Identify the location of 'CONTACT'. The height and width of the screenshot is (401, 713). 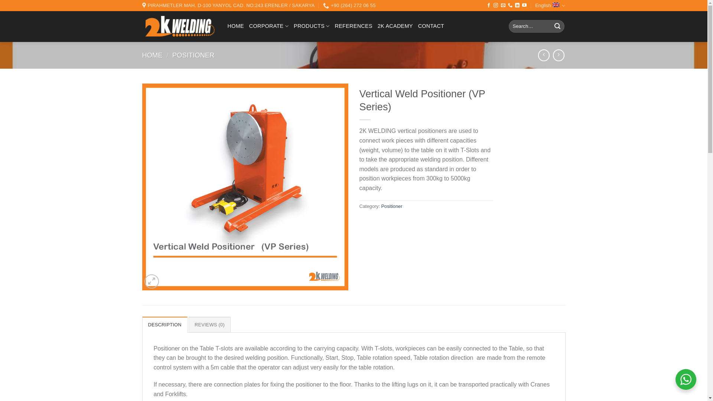
(418, 26).